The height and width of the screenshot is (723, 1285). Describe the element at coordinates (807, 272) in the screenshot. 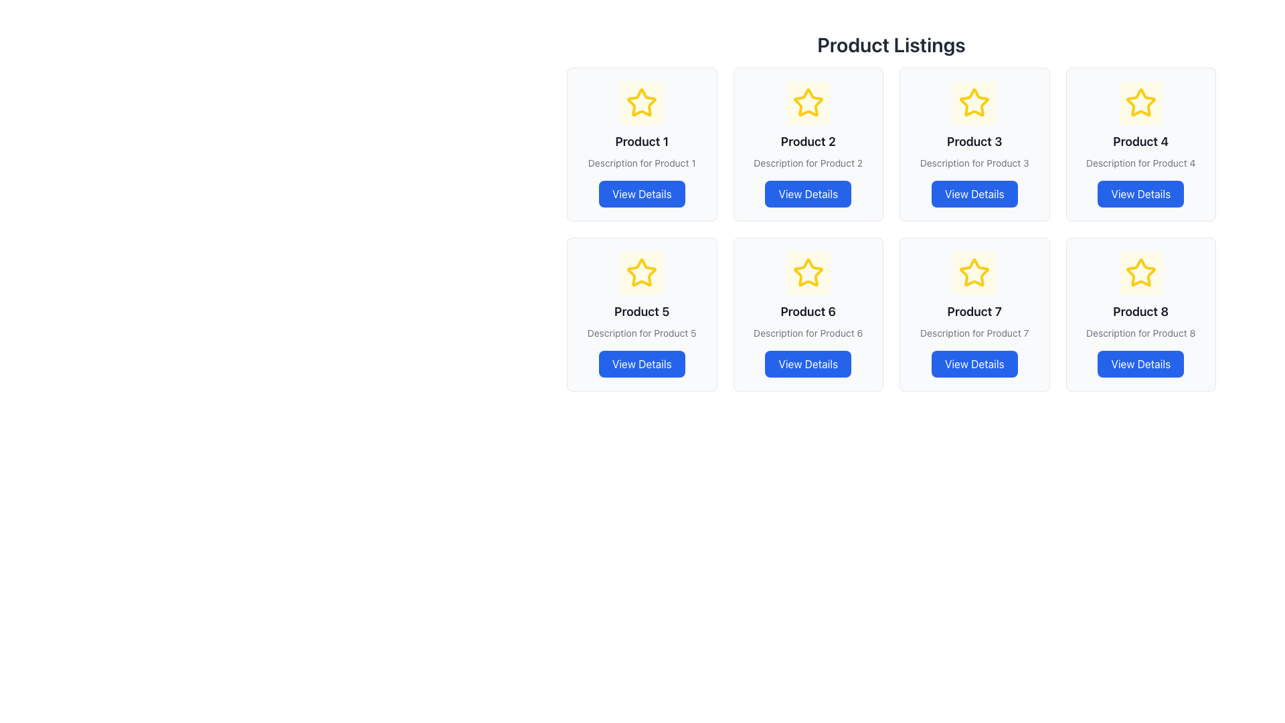

I see `the star icon located at the center top area of the card labeled 'Product 6', which denotes significance or categorization` at that location.